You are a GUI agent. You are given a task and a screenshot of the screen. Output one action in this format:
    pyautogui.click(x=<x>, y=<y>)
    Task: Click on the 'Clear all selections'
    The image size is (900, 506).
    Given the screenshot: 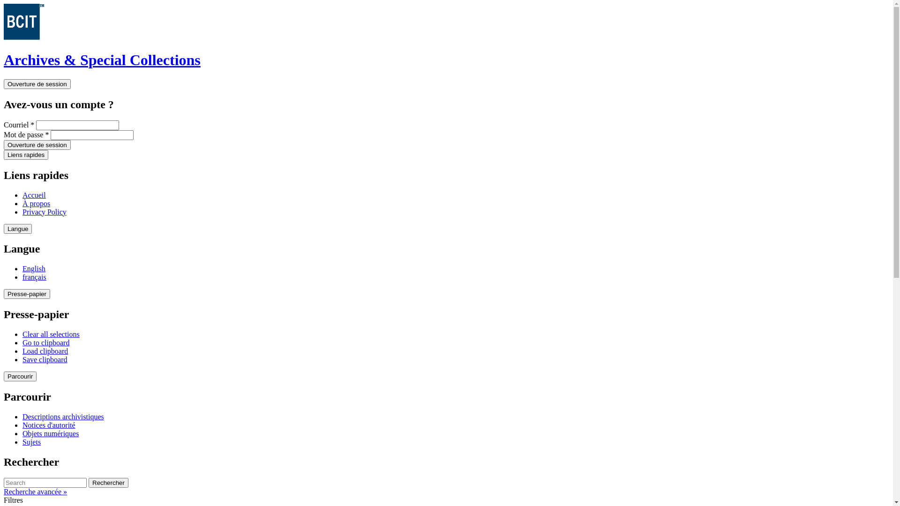 What is the action you would take?
    pyautogui.click(x=51, y=334)
    